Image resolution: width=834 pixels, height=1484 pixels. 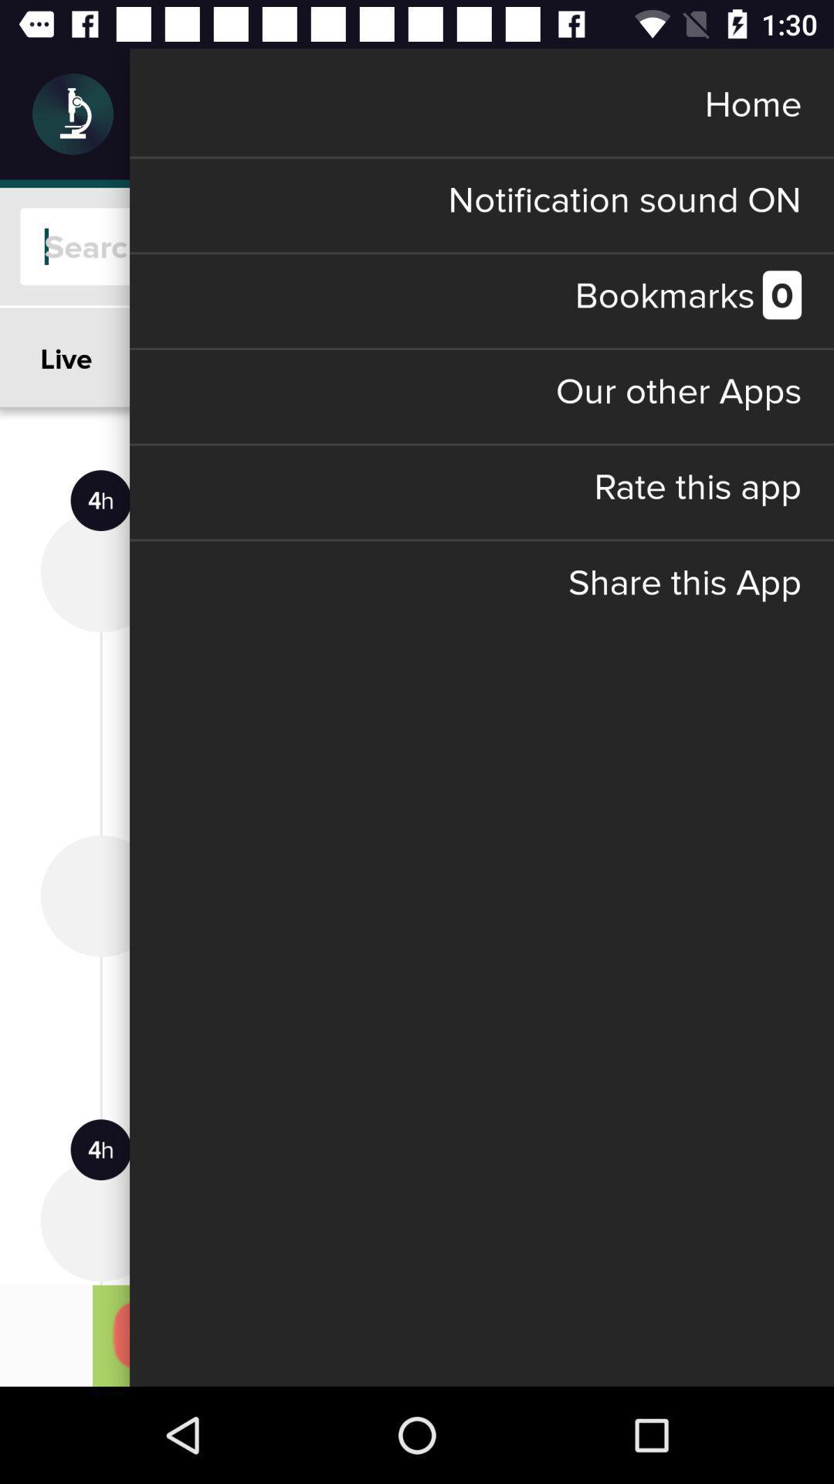 I want to click on the pause icon, so click(x=768, y=113).